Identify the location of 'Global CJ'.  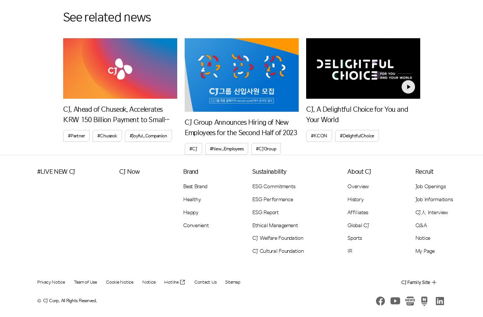
(358, 225).